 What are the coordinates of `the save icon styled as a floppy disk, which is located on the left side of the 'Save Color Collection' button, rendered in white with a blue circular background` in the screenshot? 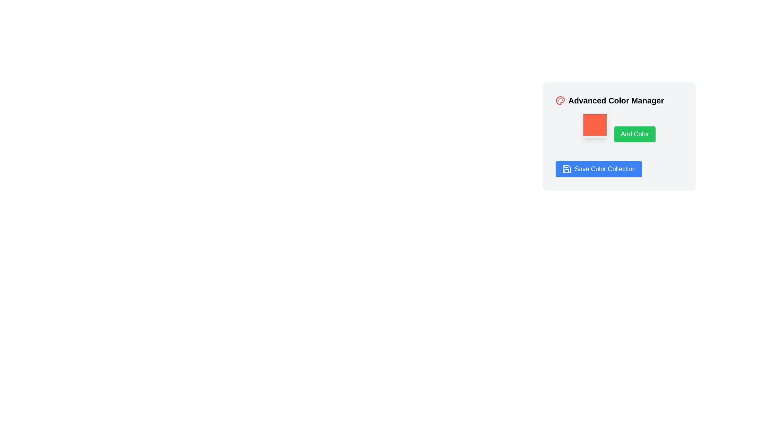 It's located at (566, 169).